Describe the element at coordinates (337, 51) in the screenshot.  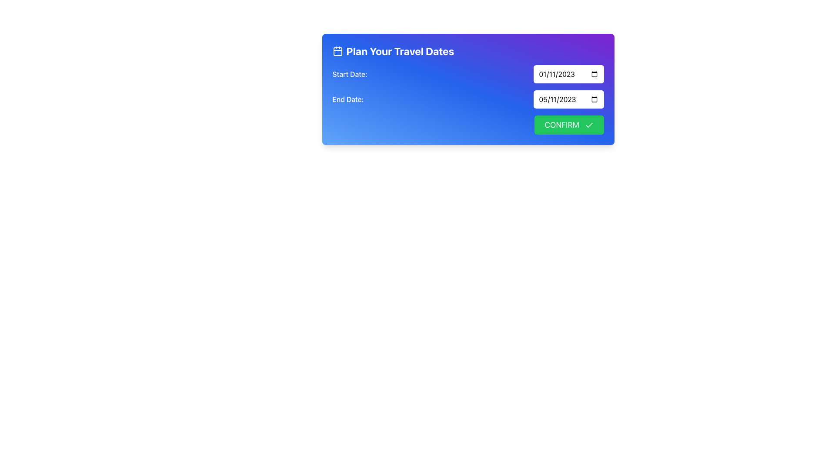
I see `the calendar icon located to the left of the text 'Plan Your Travel Dates', which features a square outline and two vertical rectangular shapes representing the header` at that location.